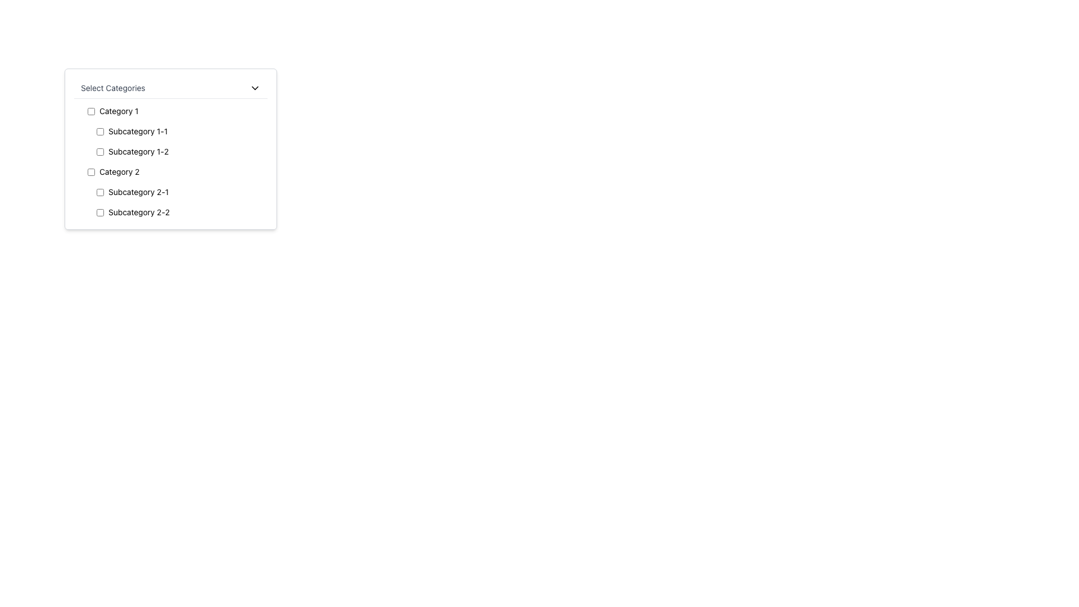  I want to click on the checkbox for 'Subcategory 2-1', so click(100, 192).